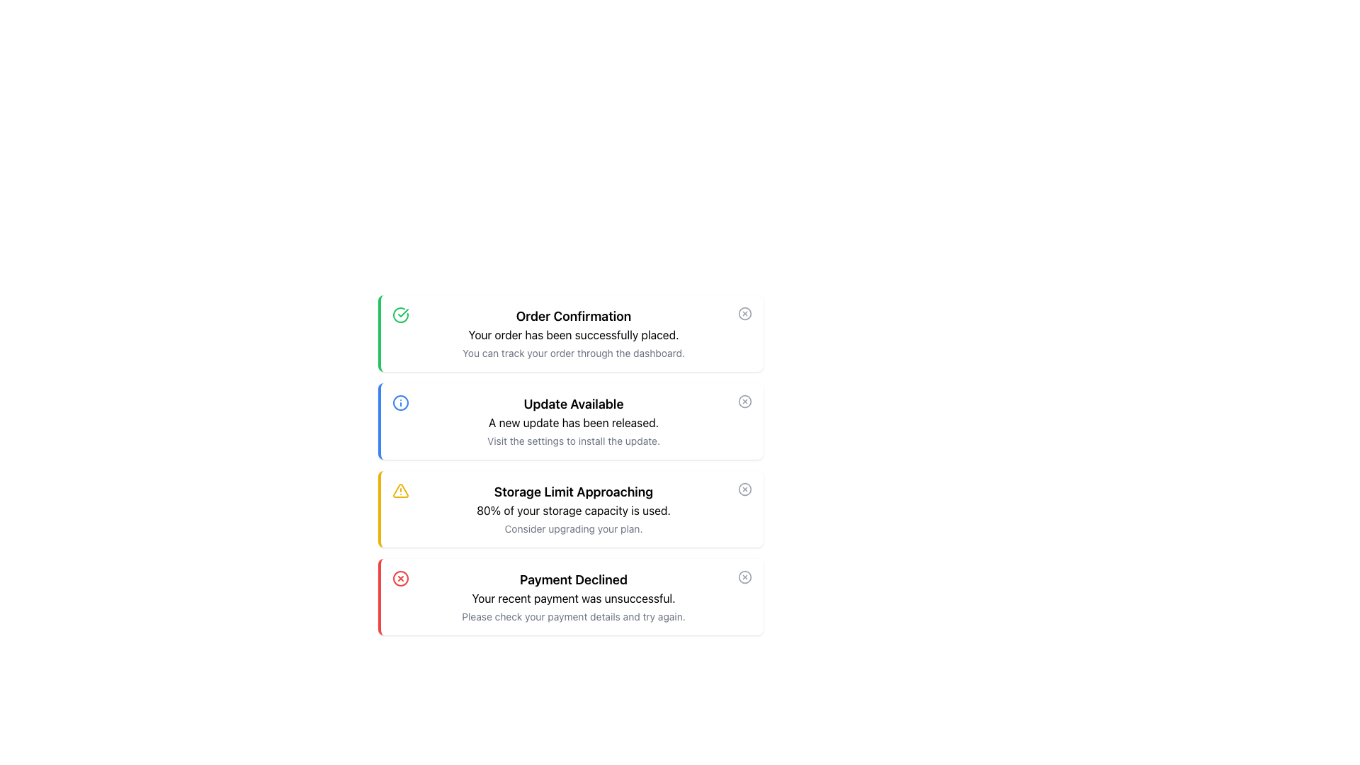  I want to click on informational text that suggests upgrading your plan, which is positioned below the storage usage warning message, so click(574, 529).